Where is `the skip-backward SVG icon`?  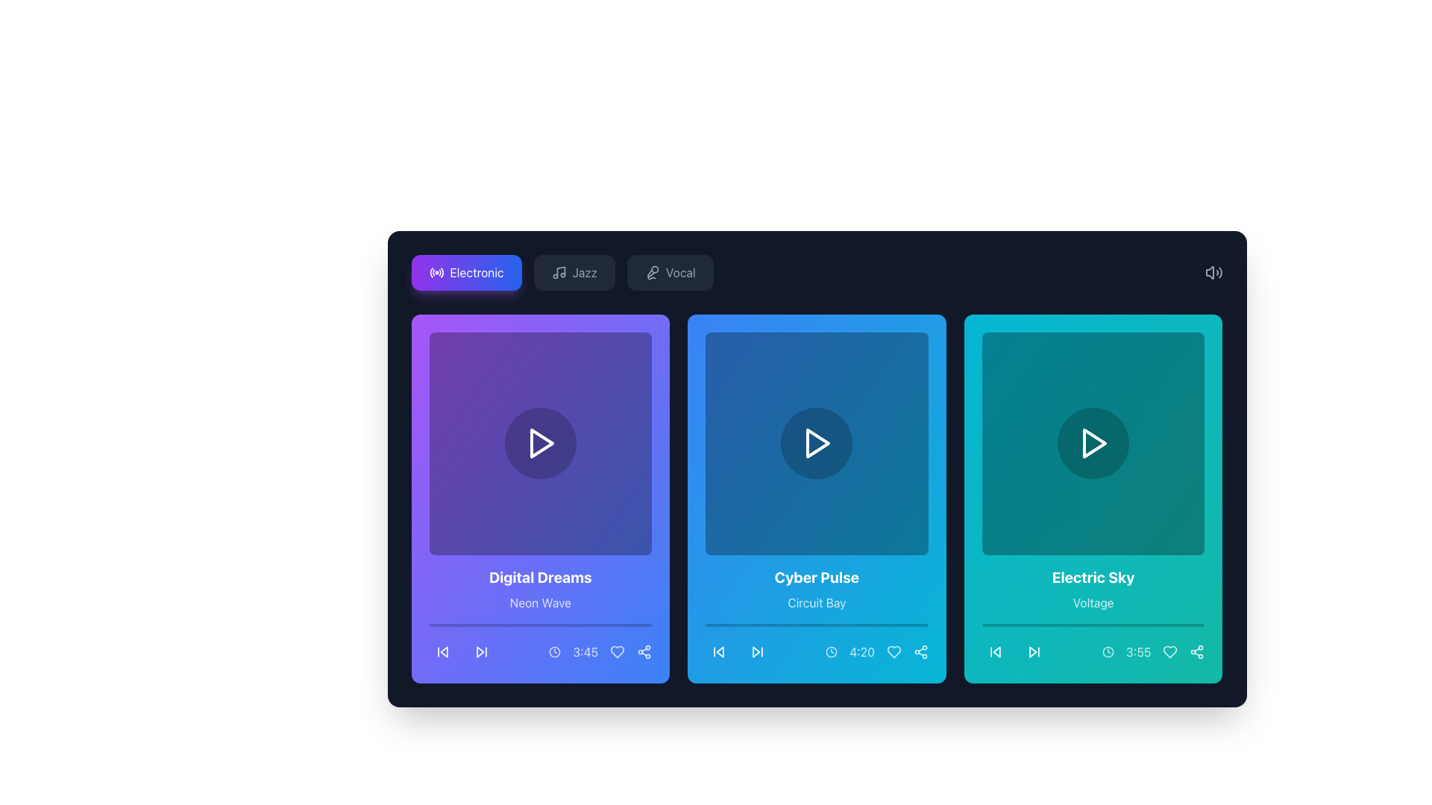 the skip-backward SVG icon is located at coordinates (443, 651).